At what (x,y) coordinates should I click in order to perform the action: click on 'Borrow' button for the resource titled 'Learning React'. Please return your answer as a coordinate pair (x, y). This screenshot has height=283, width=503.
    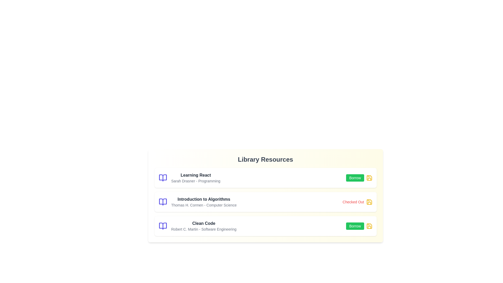
    Looking at the image, I should click on (355, 177).